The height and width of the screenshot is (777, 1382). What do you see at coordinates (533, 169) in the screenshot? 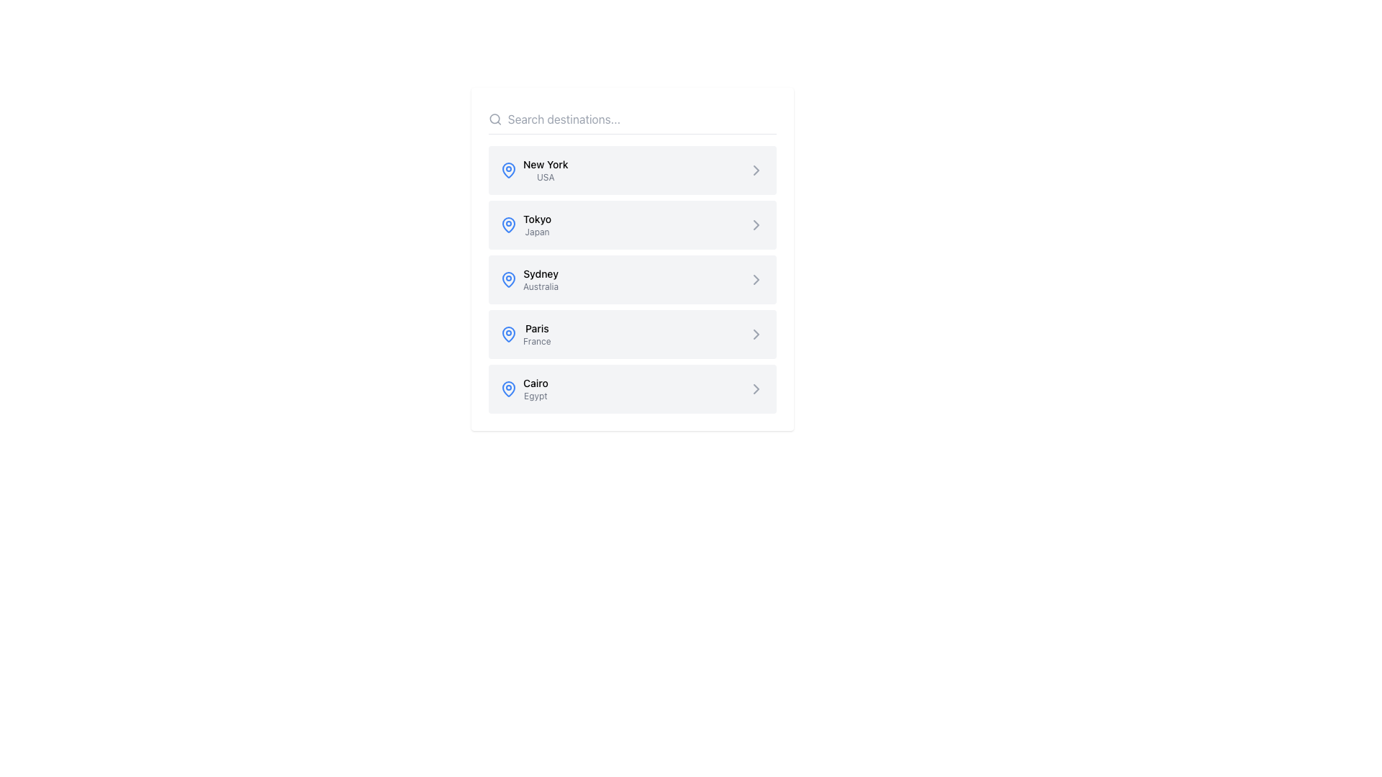
I see `the 'New York' text with the blue location pin icon in the first list item of the vertical destinations menu` at bounding box center [533, 169].